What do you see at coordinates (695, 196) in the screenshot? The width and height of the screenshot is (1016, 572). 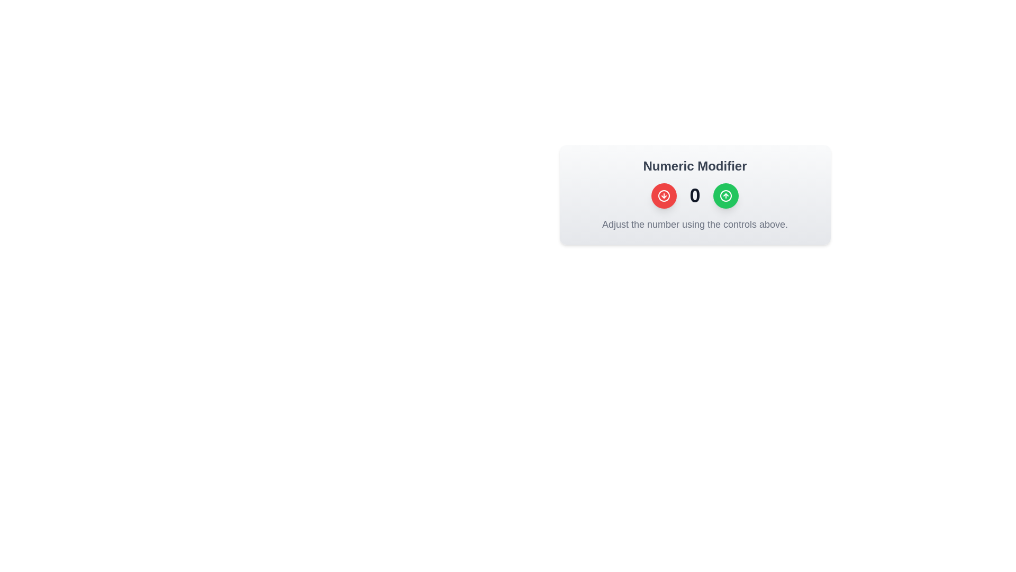 I see `displayed number '0' from the bold, large-sized numeric label rendered in grayish-black color, positioned centrally with increment and decrement buttons adjacent to it` at bounding box center [695, 196].